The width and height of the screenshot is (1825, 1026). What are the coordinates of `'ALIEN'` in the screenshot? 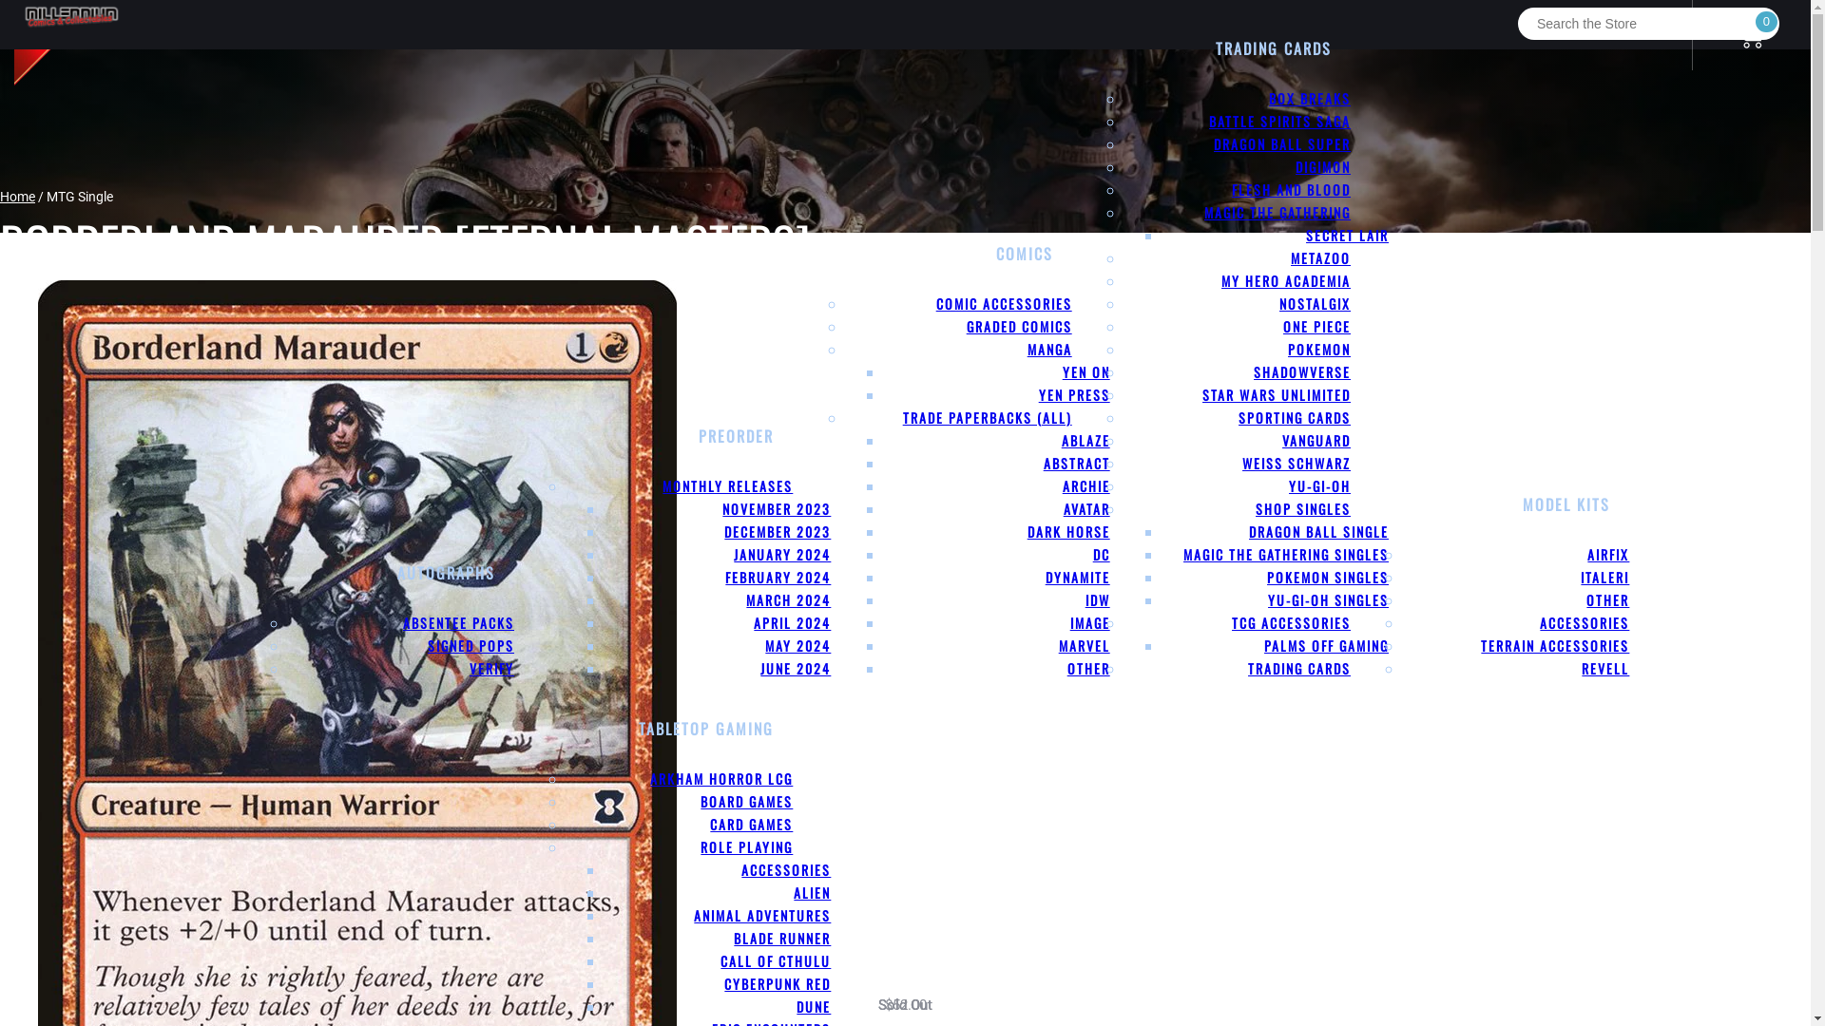 It's located at (812, 892).